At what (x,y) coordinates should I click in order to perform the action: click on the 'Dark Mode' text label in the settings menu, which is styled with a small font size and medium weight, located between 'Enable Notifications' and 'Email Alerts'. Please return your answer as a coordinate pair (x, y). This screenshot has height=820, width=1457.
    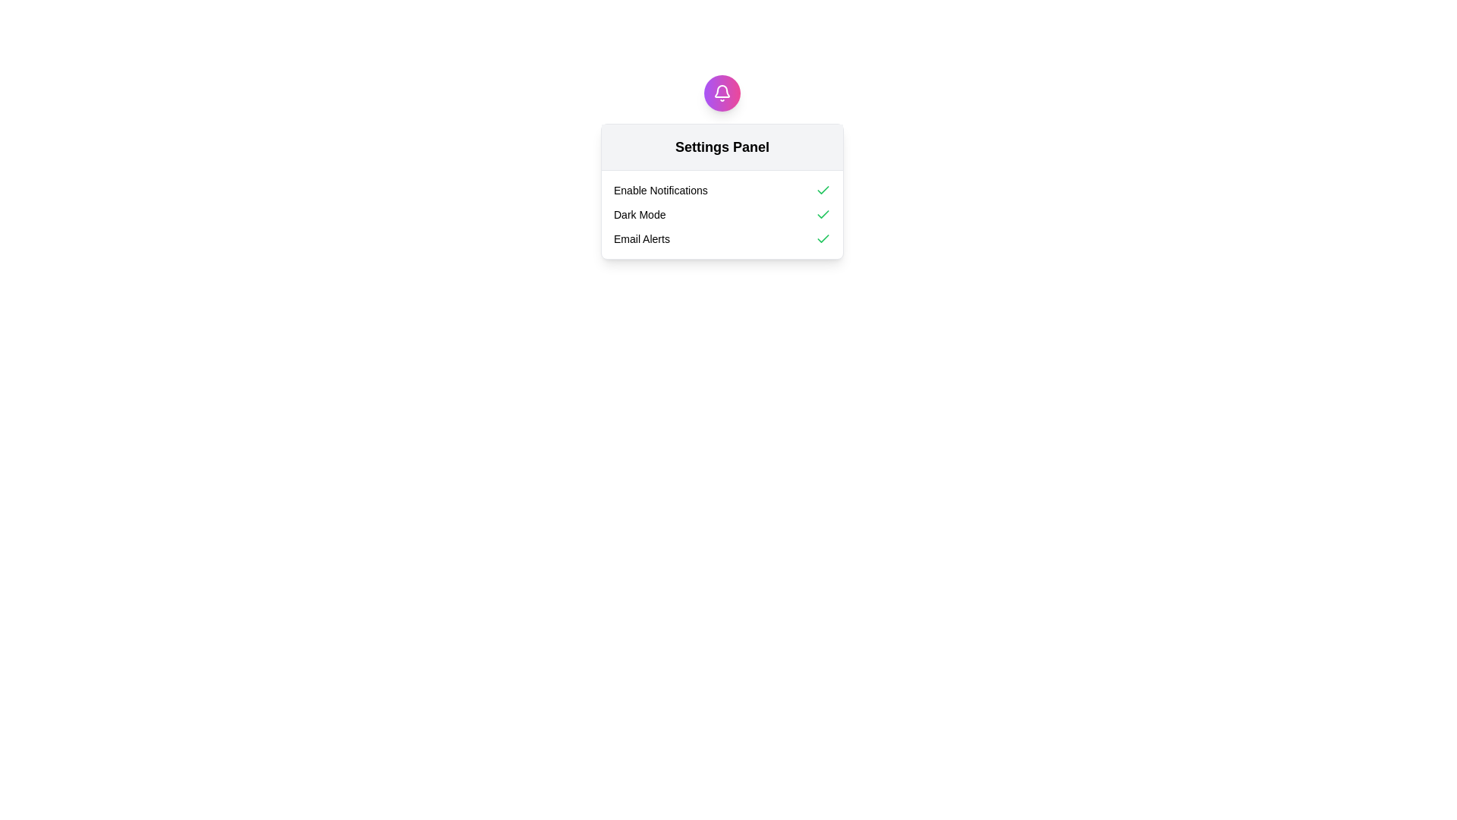
    Looking at the image, I should click on (640, 214).